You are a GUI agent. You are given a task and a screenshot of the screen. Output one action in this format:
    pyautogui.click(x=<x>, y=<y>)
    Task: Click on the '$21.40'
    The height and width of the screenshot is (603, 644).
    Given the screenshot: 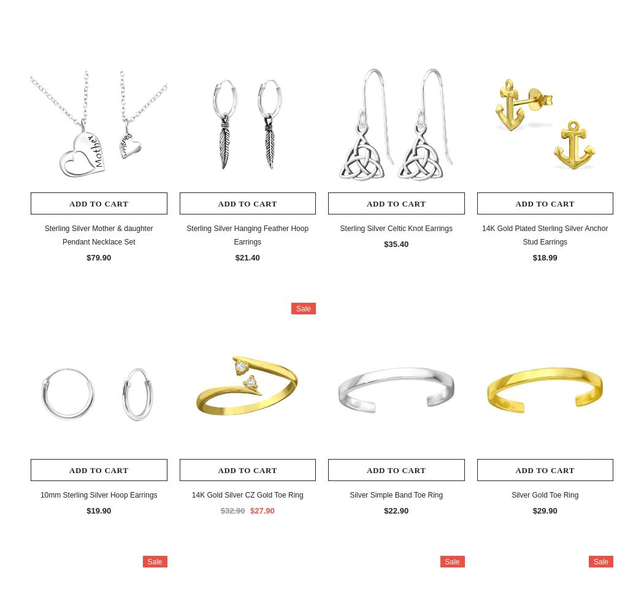 What is the action you would take?
    pyautogui.click(x=235, y=257)
    